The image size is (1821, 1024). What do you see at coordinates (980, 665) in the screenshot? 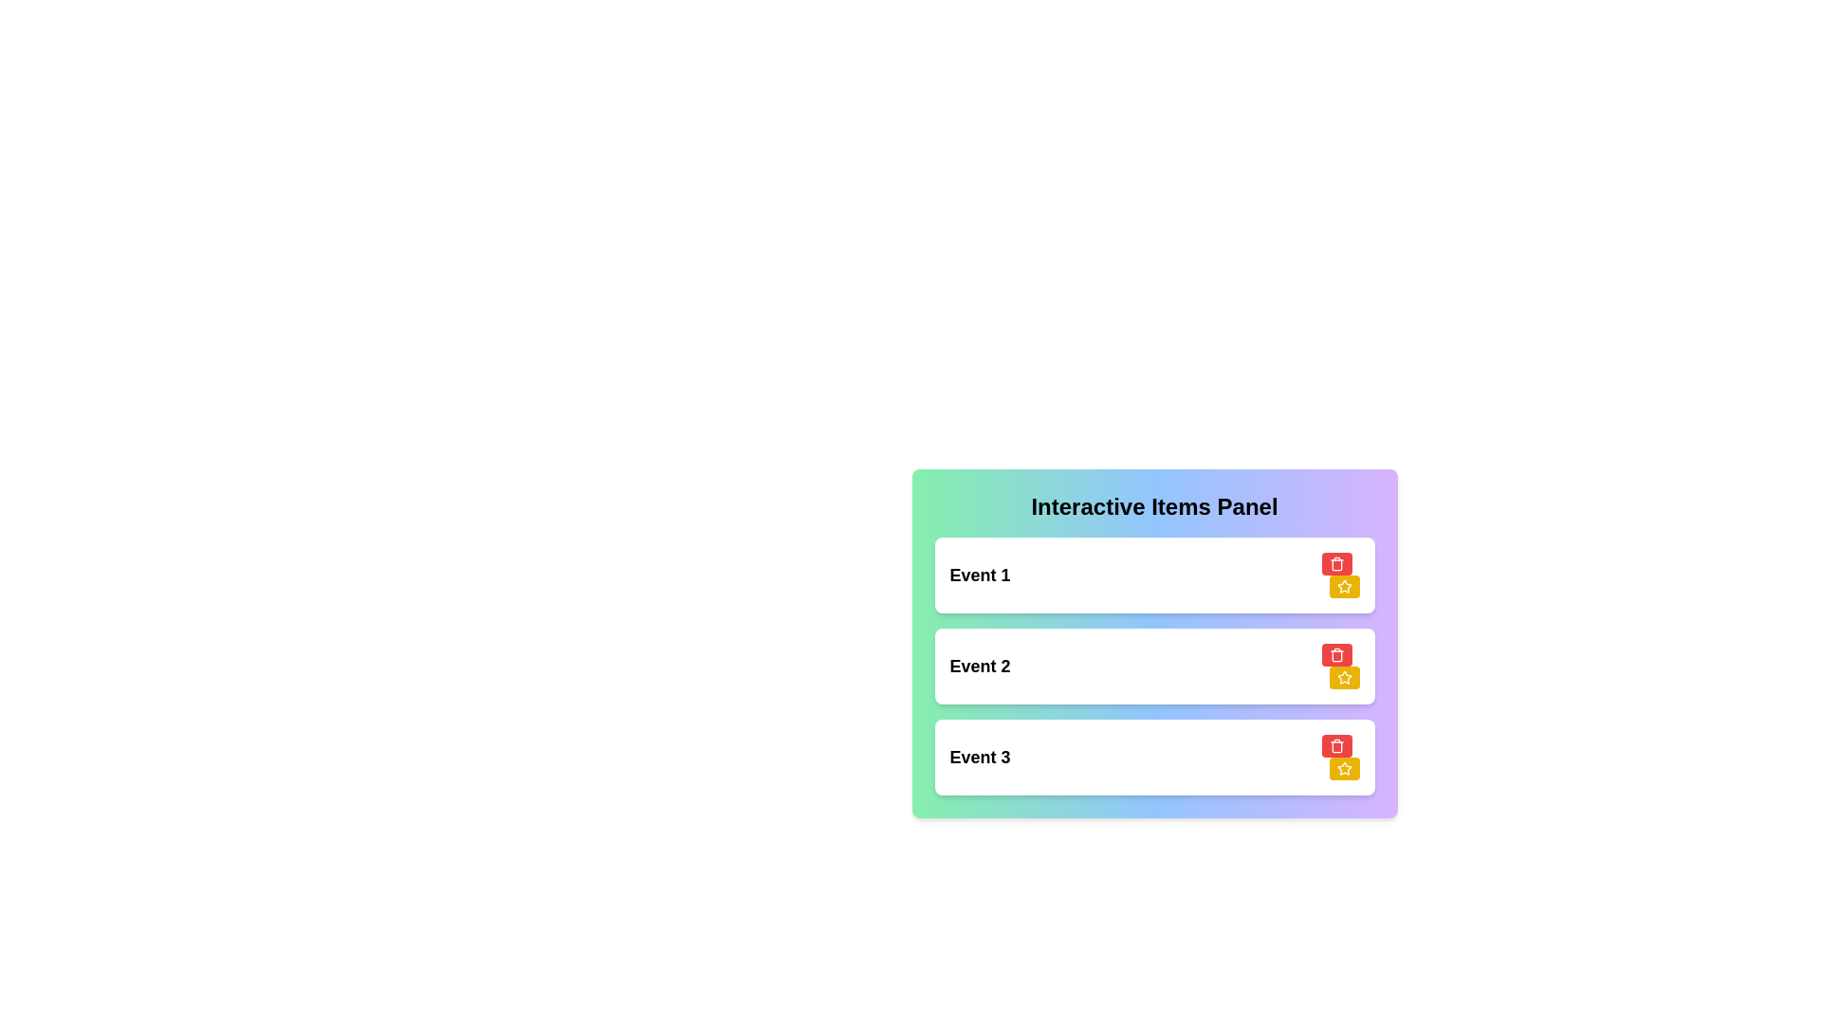
I see `the text label identifying the second event in a vertical list, positioned between 'Event 1' and 'Event 3'` at bounding box center [980, 665].